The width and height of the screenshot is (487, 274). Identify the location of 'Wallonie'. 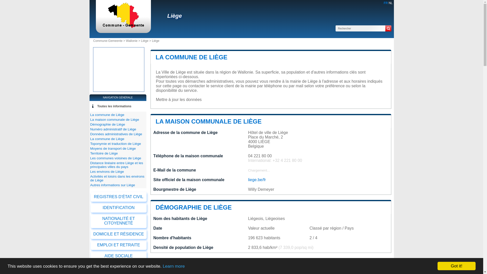
(132, 41).